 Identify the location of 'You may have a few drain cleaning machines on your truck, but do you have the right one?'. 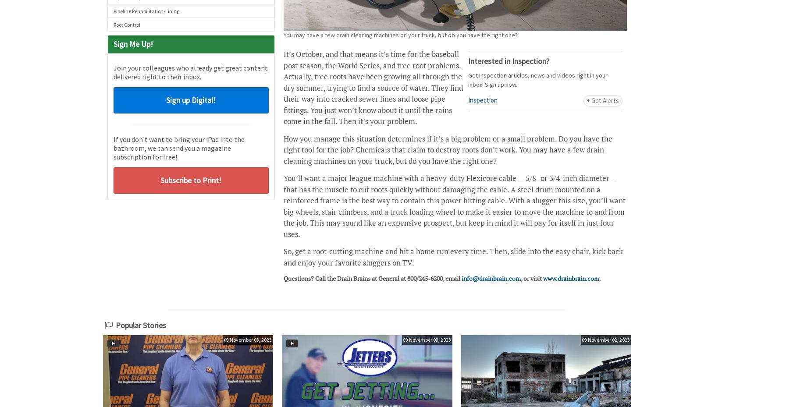
(400, 34).